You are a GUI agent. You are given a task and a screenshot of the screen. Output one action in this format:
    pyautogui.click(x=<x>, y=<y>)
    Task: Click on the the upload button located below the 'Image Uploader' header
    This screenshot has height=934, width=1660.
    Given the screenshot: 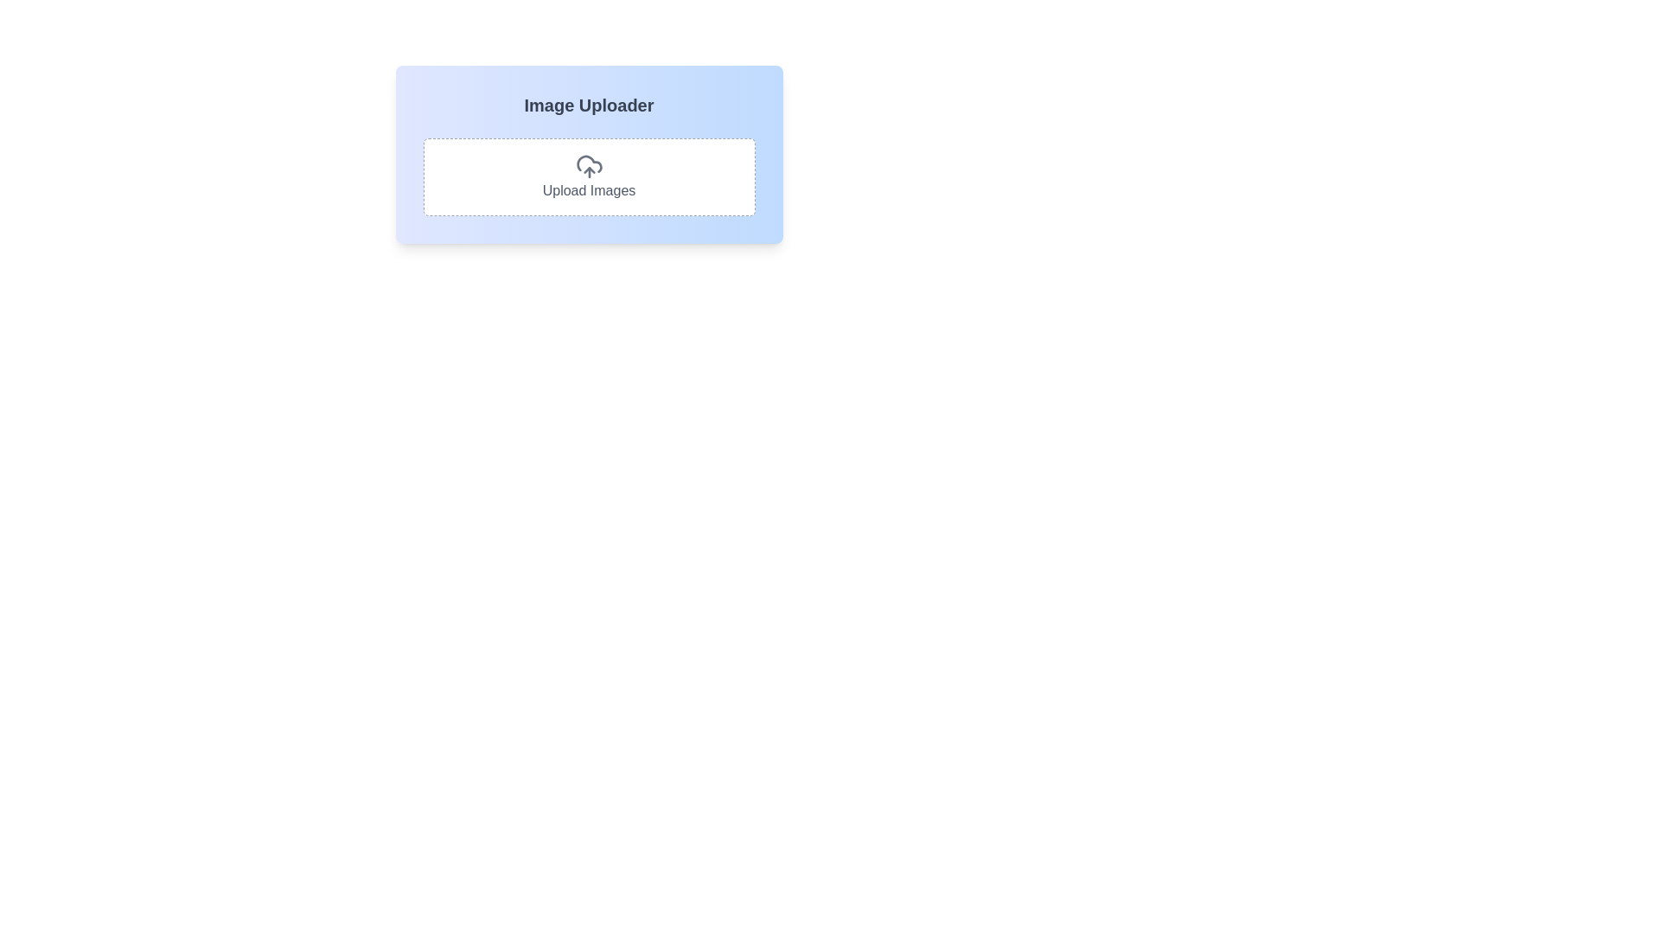 What is the action you would take?
    pyautogui.click(x=589, y=176)
    